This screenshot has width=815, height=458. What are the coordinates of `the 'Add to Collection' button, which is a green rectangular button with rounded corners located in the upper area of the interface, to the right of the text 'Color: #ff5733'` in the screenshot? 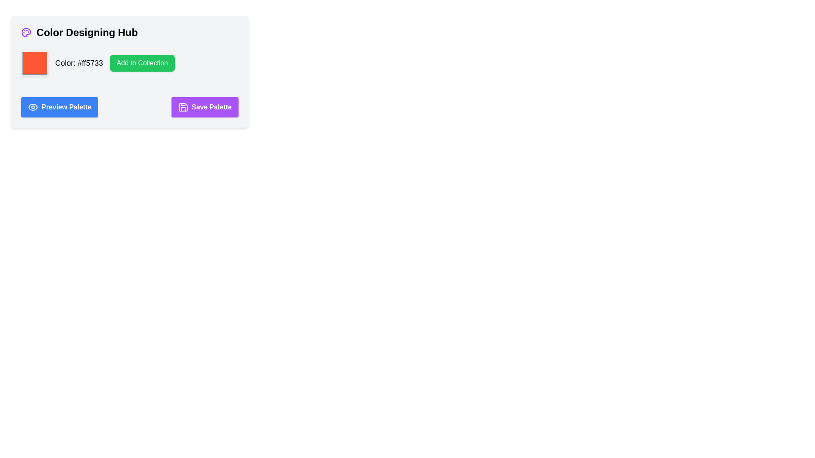 It's located at (142, 63).